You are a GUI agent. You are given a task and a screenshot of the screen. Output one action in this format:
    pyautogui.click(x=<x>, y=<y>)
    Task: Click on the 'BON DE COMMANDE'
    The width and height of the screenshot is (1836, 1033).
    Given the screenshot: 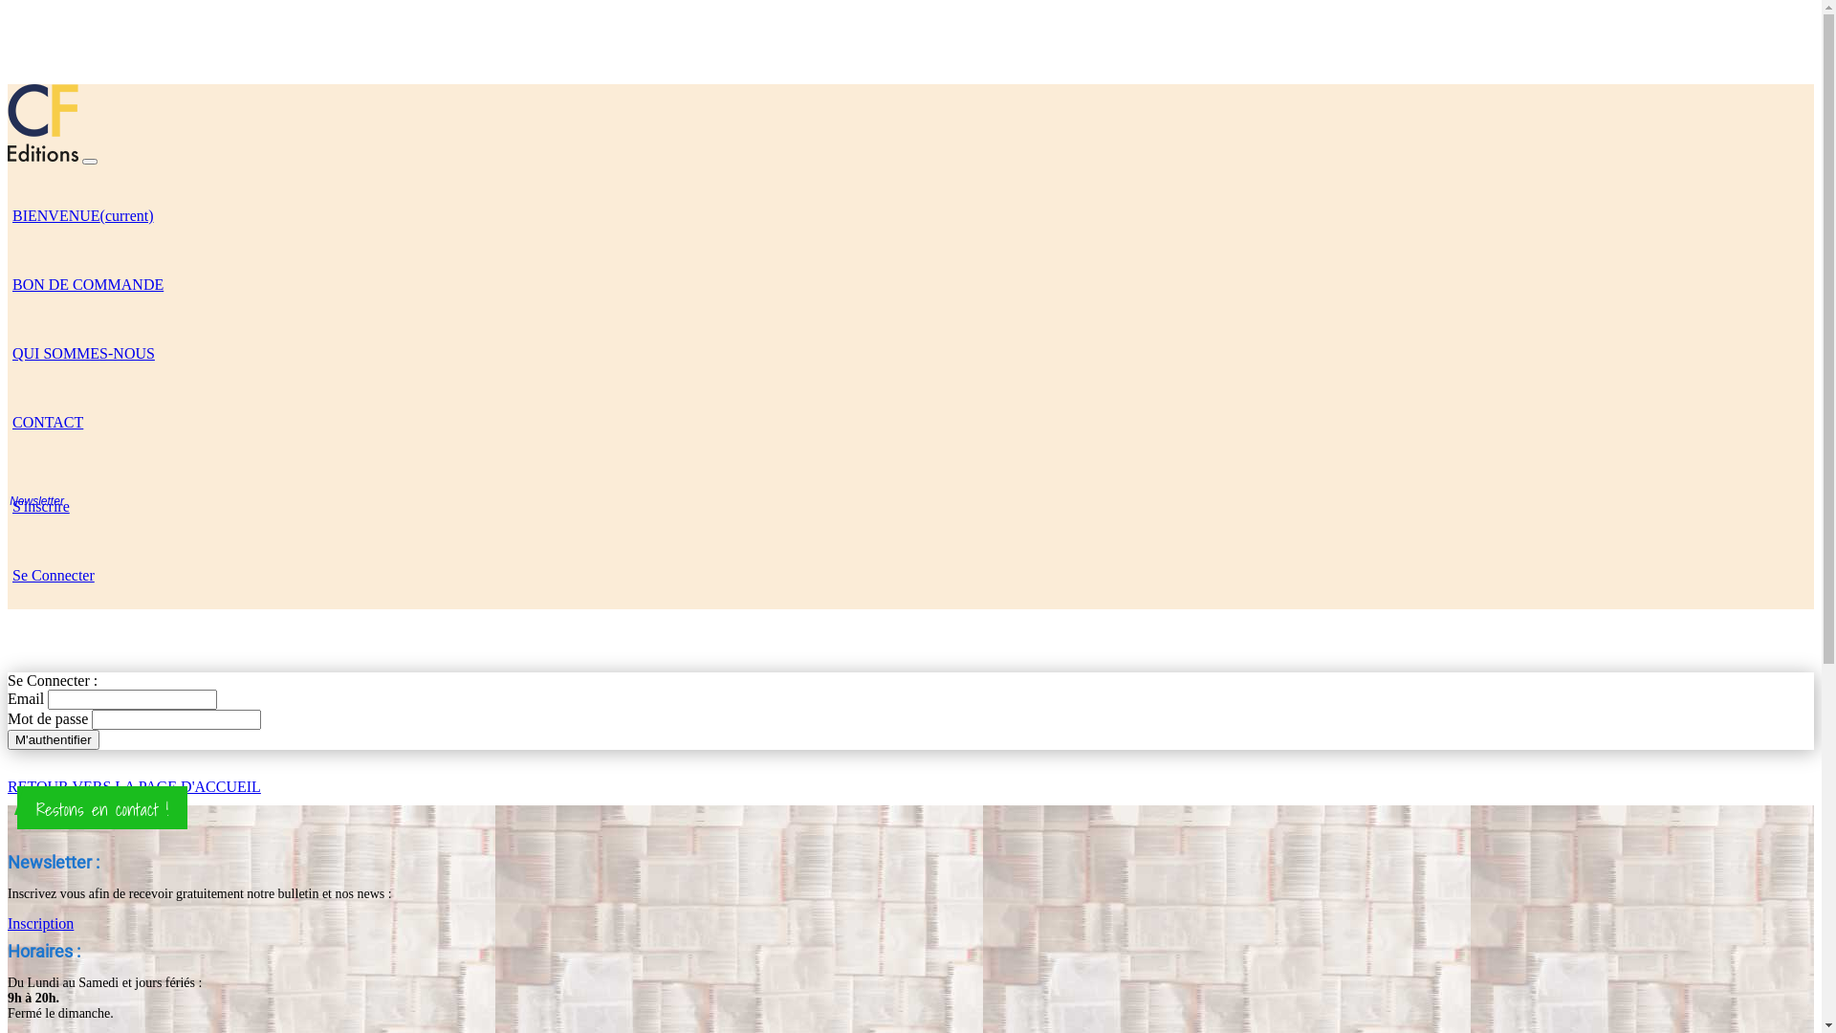 What is the action you would take?
    pyautogui.click(x=86, y=283)
    